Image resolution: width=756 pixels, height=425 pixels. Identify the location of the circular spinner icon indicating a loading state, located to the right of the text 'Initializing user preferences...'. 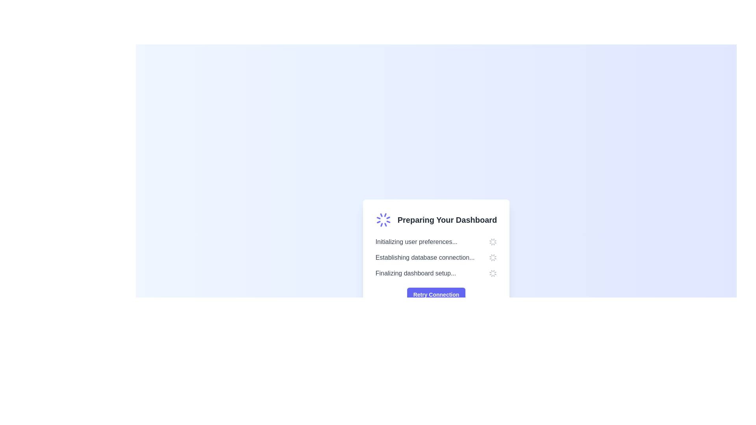
(493, 241).